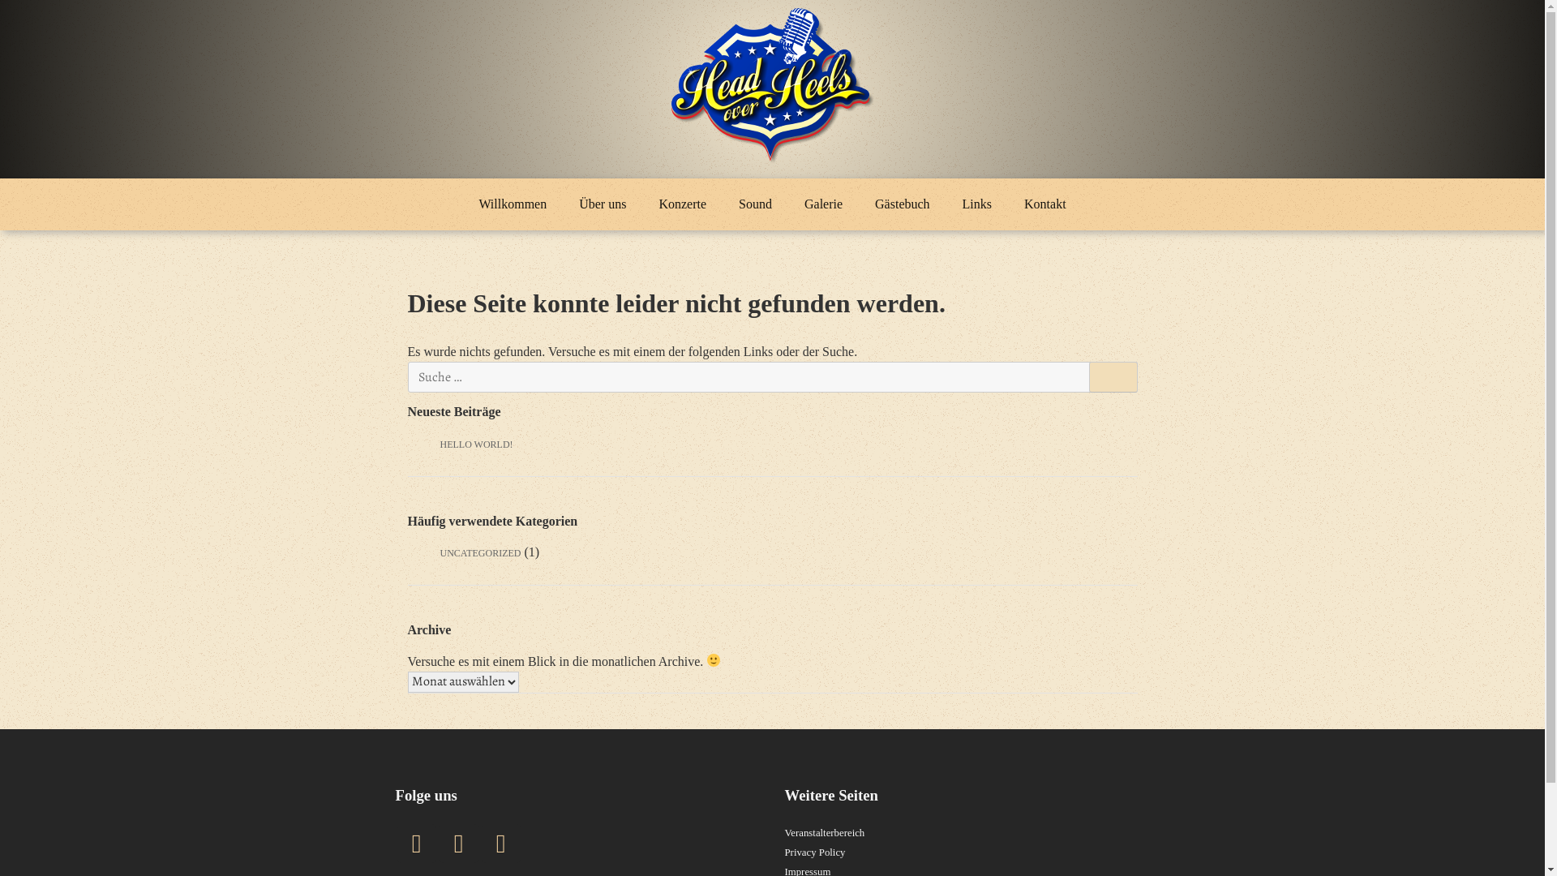 Image resolution: width=1557 pixels, height=876 pixels. I want to click on 'HELLO WORLD!', so click(474, 444).